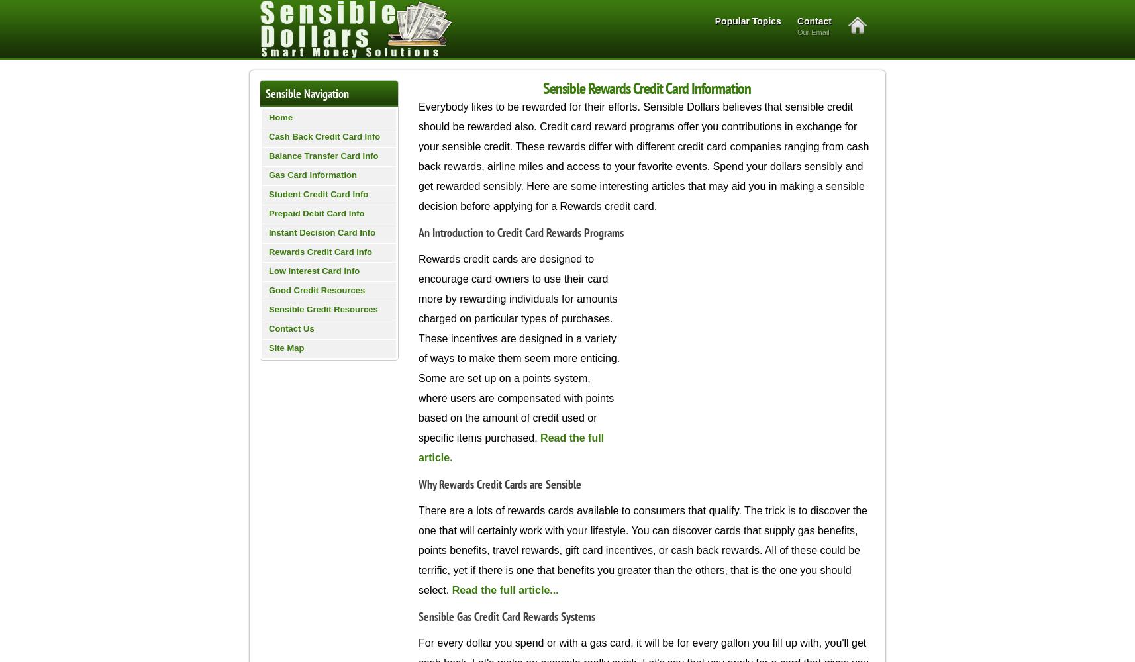 Image resolution: width=1135 pixels, height=662 pixels. What do you see at coordinates (322, 308) in the screenshot?
I see `'Sensible Credit  Resources'` at bounding box center [322, 308].